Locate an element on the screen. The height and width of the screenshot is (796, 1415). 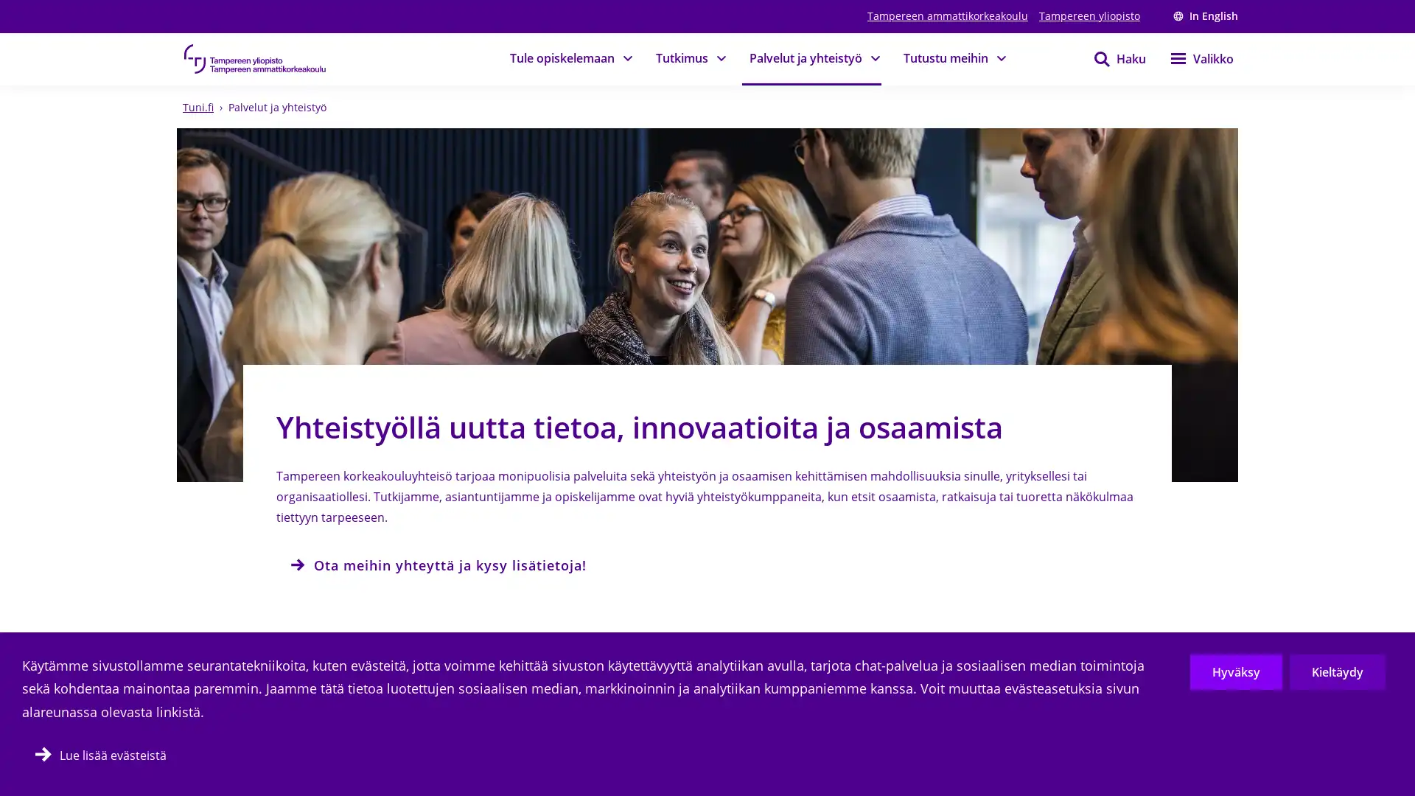
Valikko is located at coordinates (1201, 58).